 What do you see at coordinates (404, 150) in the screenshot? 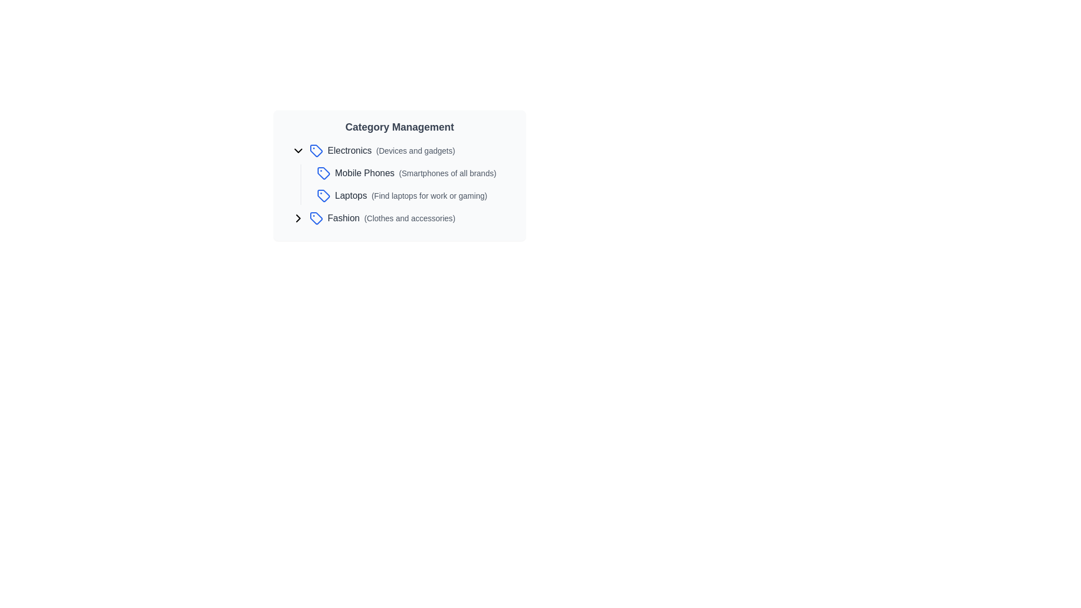
I see `the 'Electronics' label in bold` at bounding box center [404, 150].